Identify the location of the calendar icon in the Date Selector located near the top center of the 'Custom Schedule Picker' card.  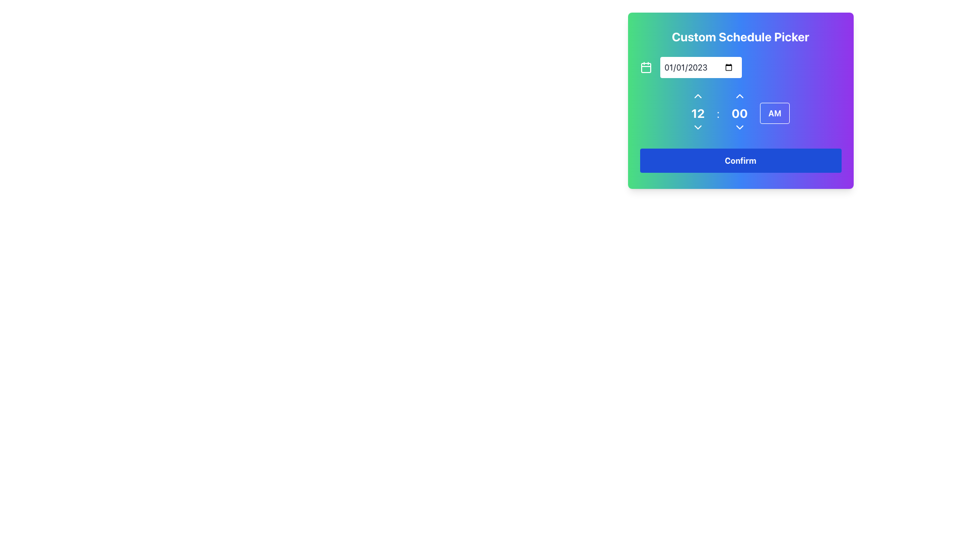
(740, 67).